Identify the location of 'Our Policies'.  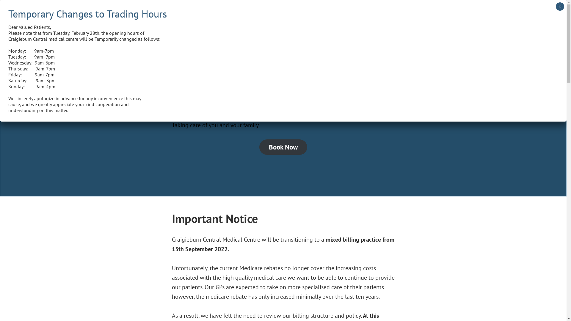
(418, 18).